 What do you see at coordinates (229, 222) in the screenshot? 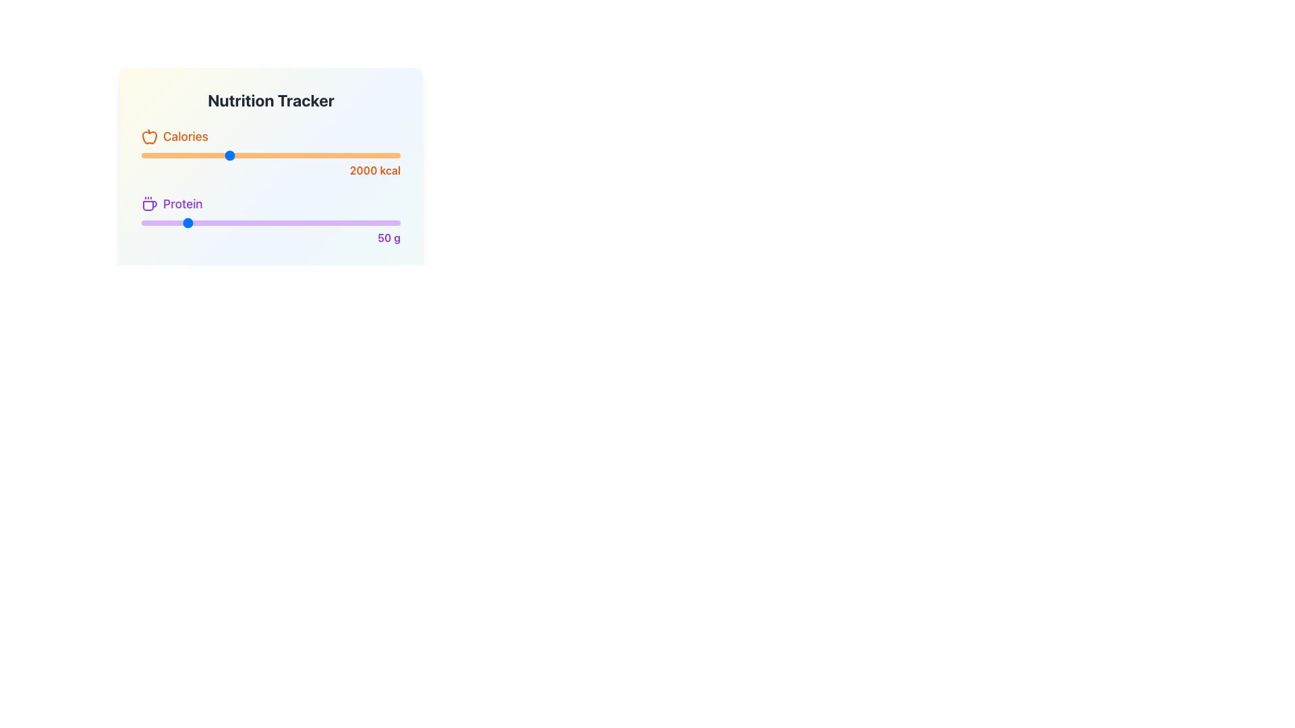
I see `protein quantity` at bounding box center [229, 222].